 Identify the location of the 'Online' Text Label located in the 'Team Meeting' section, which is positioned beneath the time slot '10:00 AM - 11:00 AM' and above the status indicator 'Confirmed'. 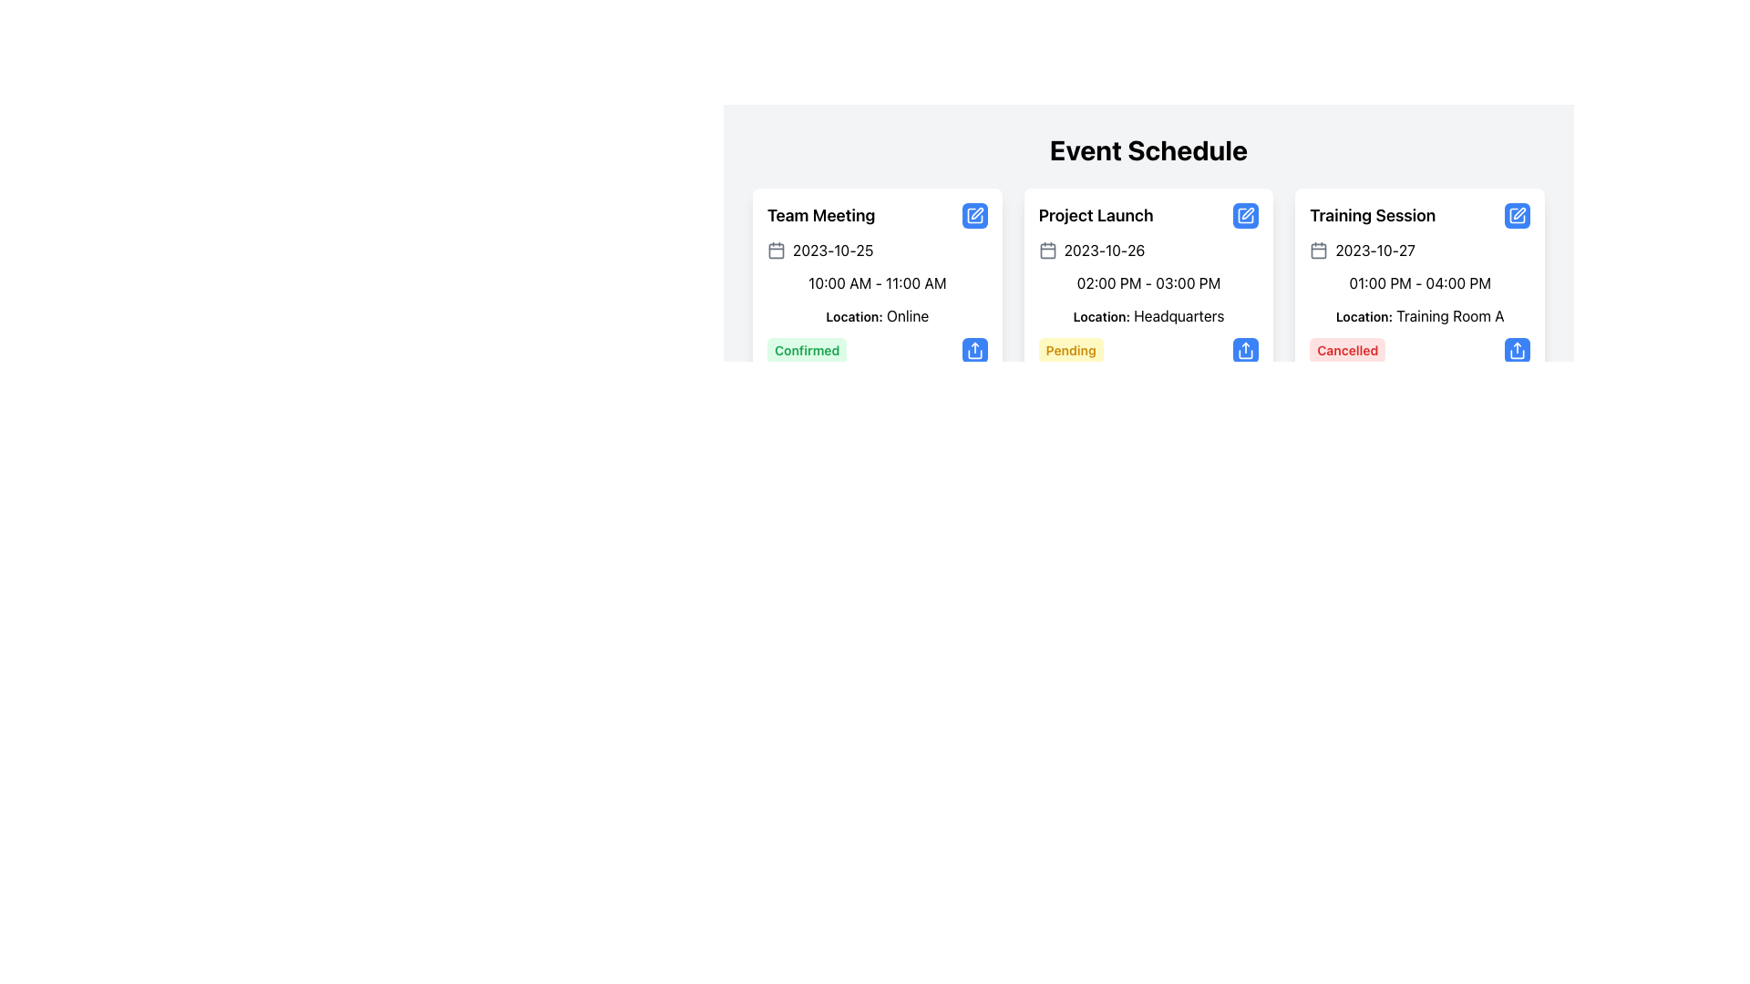
(877, 315).